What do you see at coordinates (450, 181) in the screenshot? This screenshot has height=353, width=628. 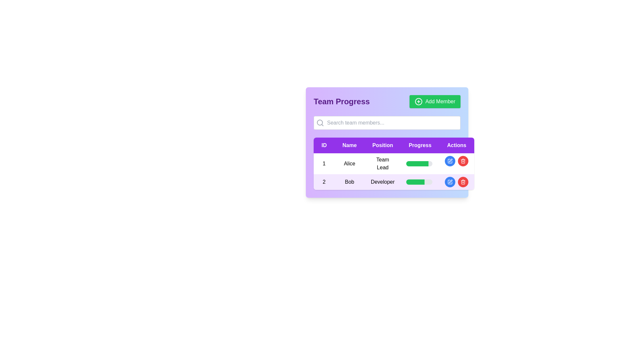 I see `the editing button icon in the 'Actions' column for the row corresponding to 'Bob' in the displayed table` at bounding box center [450, 181].